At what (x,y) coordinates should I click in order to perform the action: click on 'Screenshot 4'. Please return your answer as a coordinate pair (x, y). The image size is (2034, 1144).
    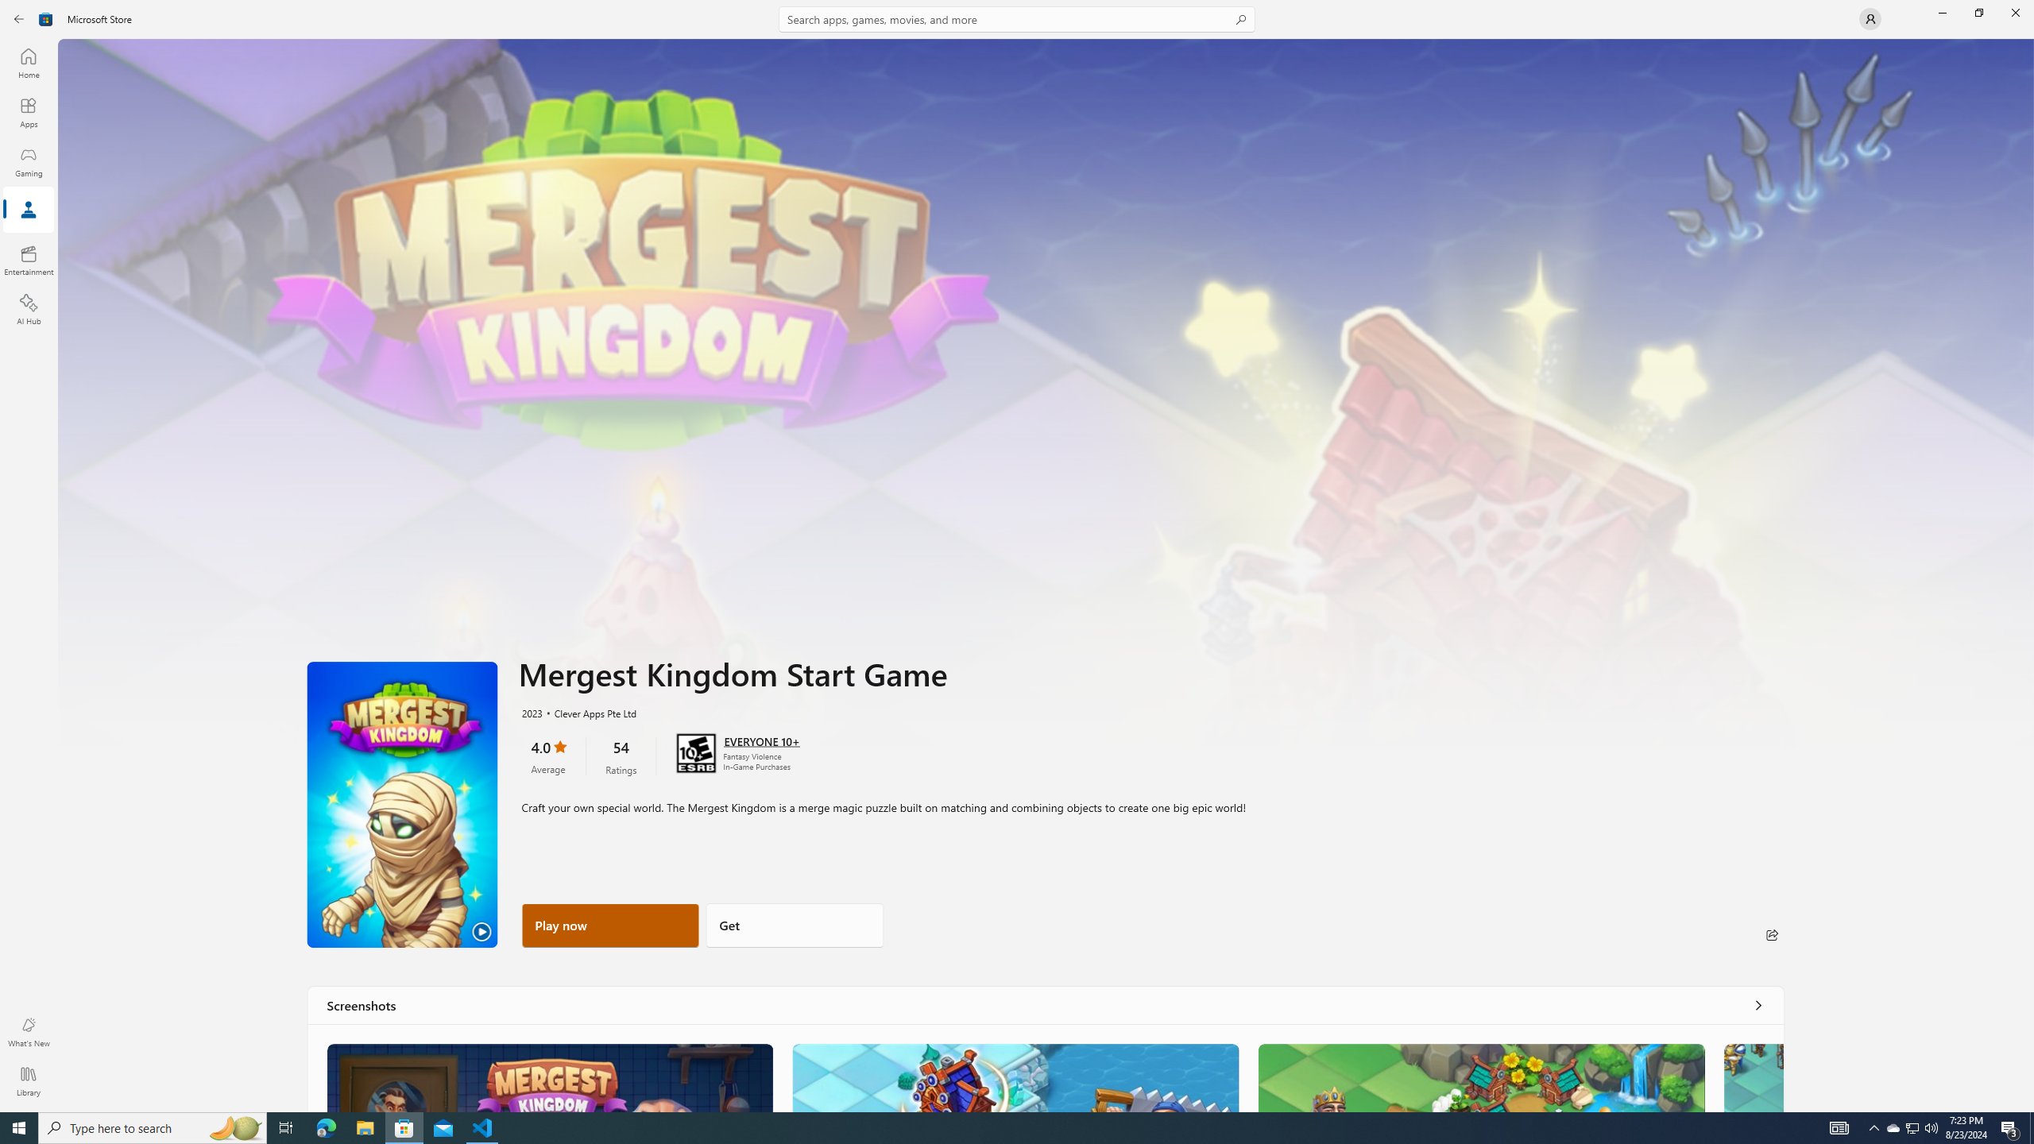
    Looking at the image, I should click on (1752, 1076).